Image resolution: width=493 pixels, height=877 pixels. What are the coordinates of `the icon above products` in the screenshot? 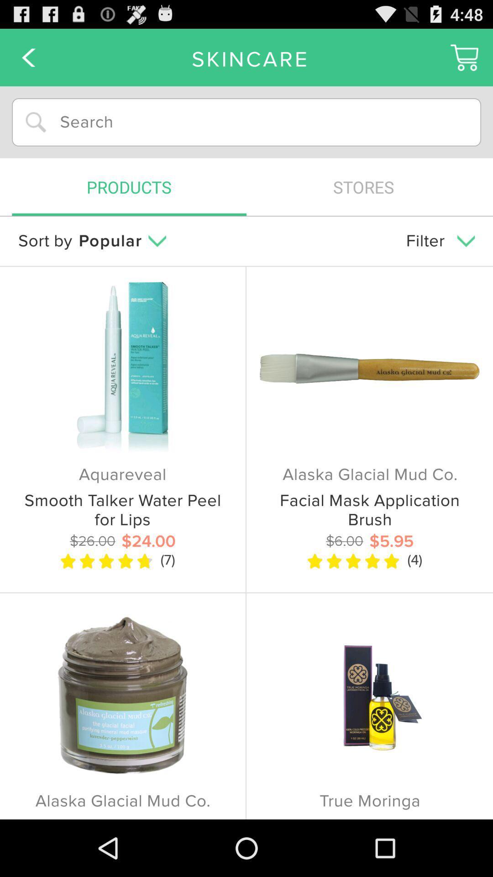 It's located at (246, 122).